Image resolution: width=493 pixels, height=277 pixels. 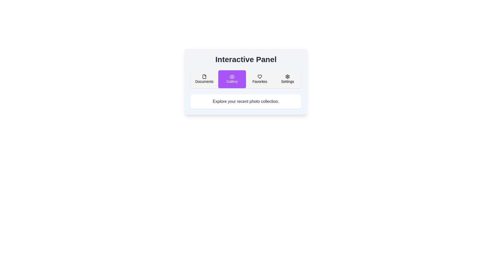 What do you see at coordinates (260, 77) in the screenshot?
I see `the heart-shaped 'Favorites' icon located above the text 'Favorites' in the third section of the interactive panel` at bounding box center [260, 77].